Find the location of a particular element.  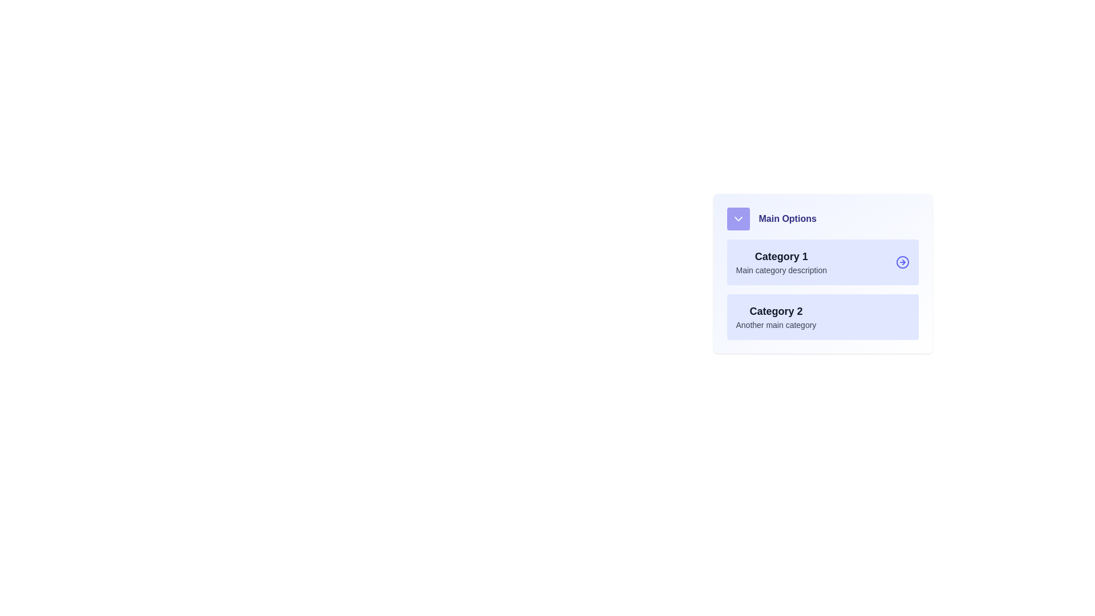

the button with a dark indigo background and a white downward-pointing chevron is located at coordinates (738, 219).